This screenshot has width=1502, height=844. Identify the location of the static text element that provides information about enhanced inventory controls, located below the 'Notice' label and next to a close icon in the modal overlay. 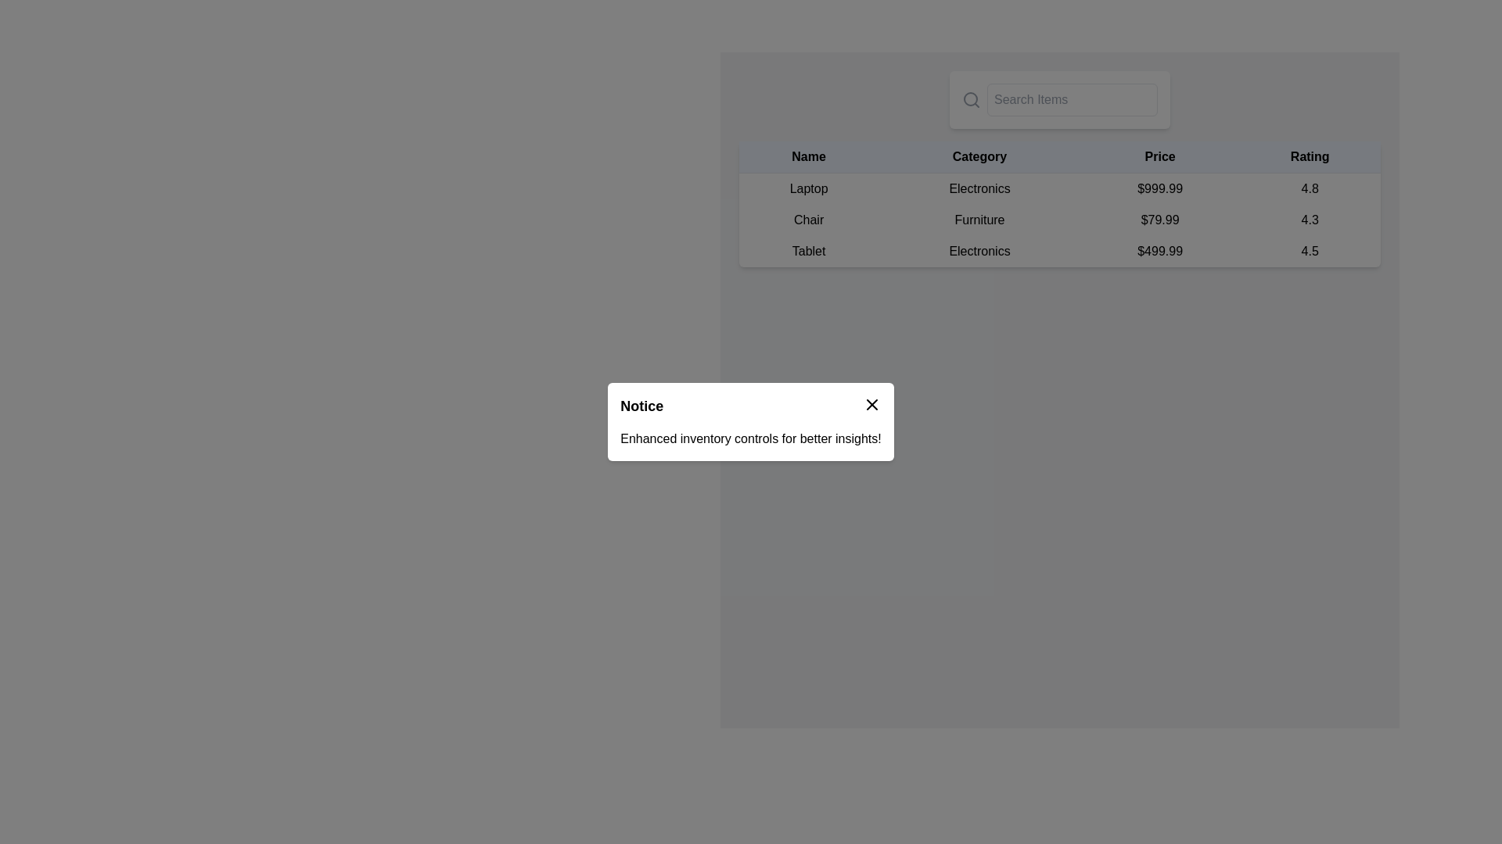
(751, 439).